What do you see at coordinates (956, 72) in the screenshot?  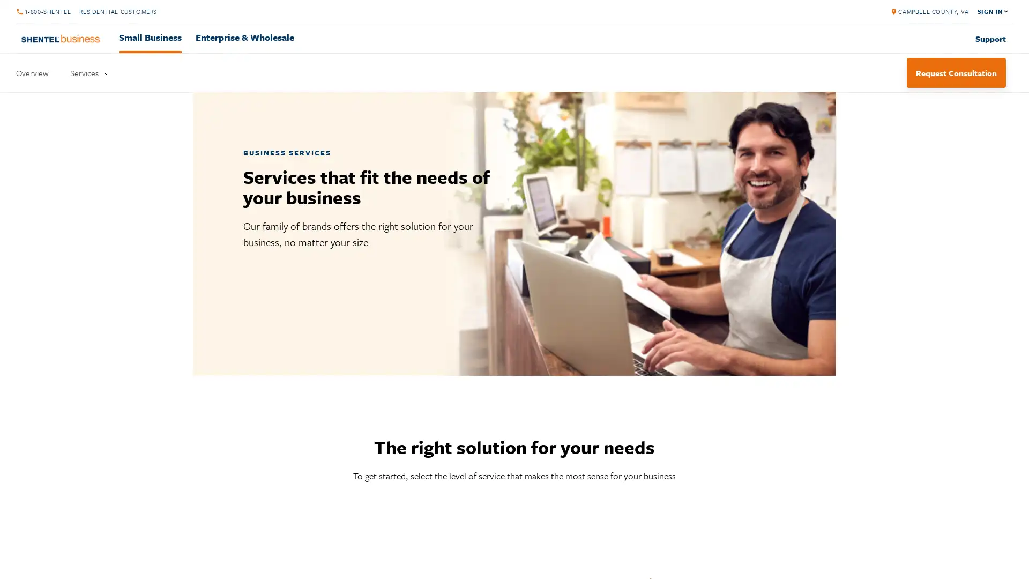 I see `Request Consultation` at bounding box center [956, 72].